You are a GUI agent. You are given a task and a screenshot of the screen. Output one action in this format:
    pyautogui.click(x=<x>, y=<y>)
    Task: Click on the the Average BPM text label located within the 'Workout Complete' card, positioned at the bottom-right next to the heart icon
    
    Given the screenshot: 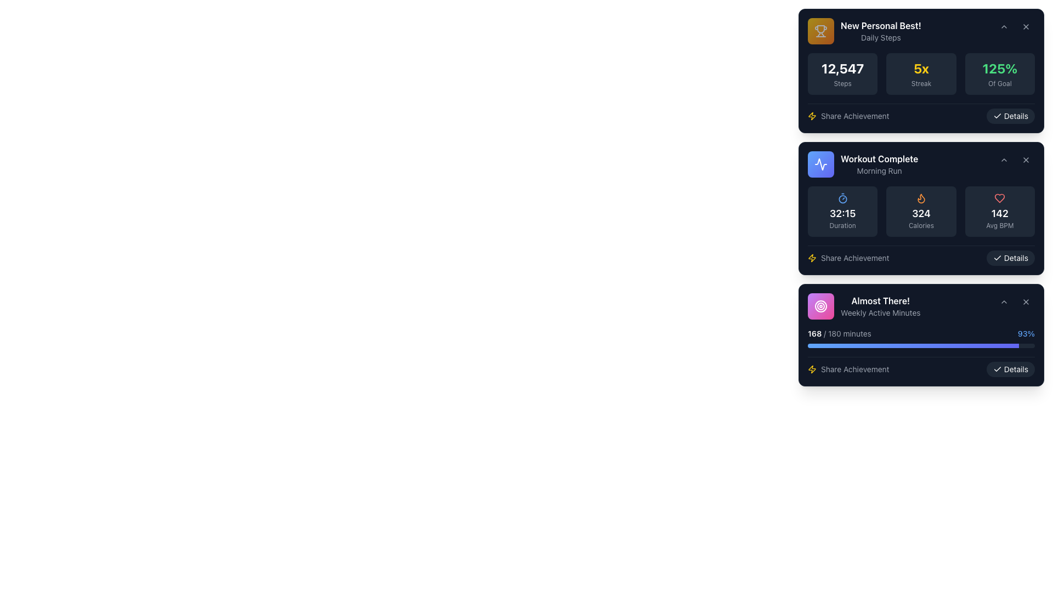 What is the action you would take?
    pyautogui.click(x=1000, y=213)
    